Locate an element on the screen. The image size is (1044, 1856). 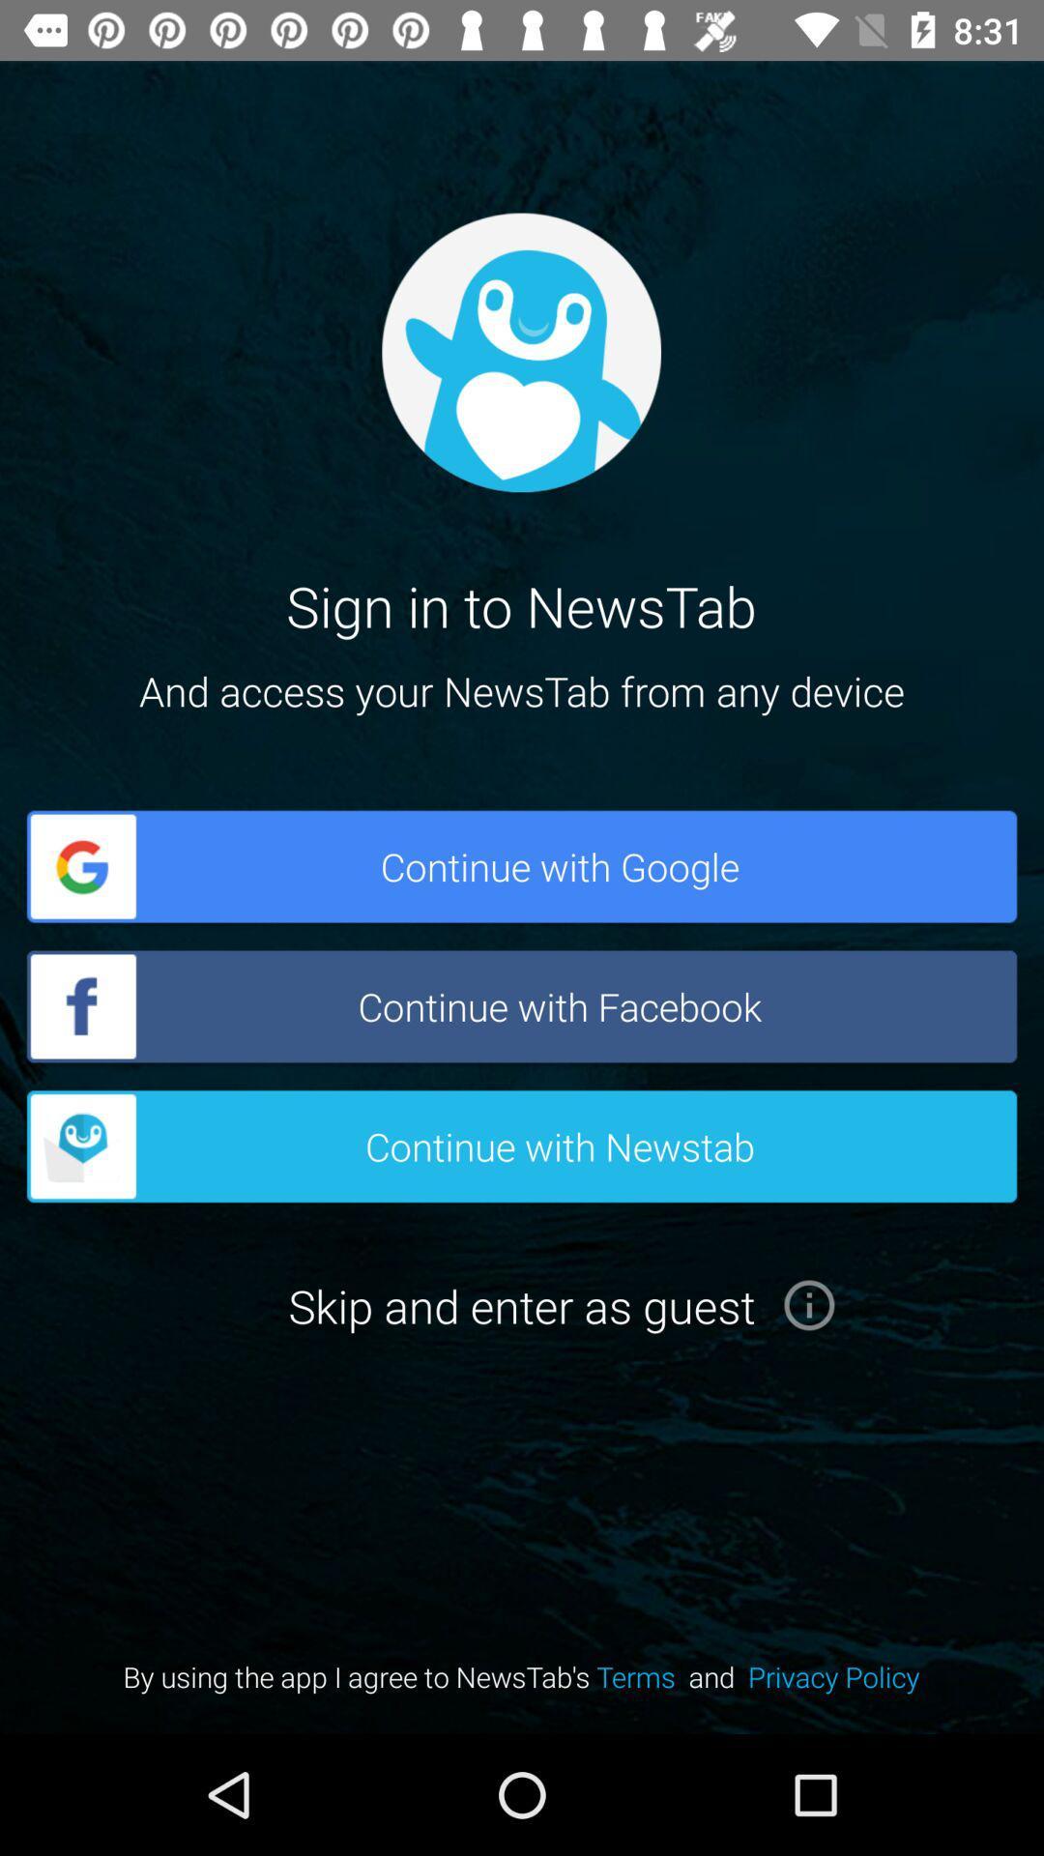
skip button is located at coordinates (809, 1305).